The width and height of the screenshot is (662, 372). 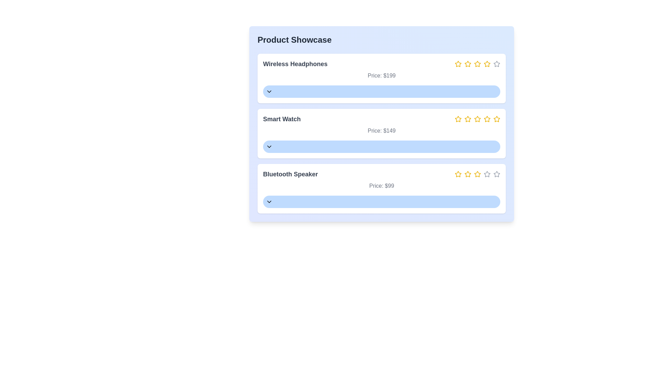 I want to click on the fifth grey star icon in the rating component for the 'Bluetooth Speaker' product card, so click(x=496, y=174).